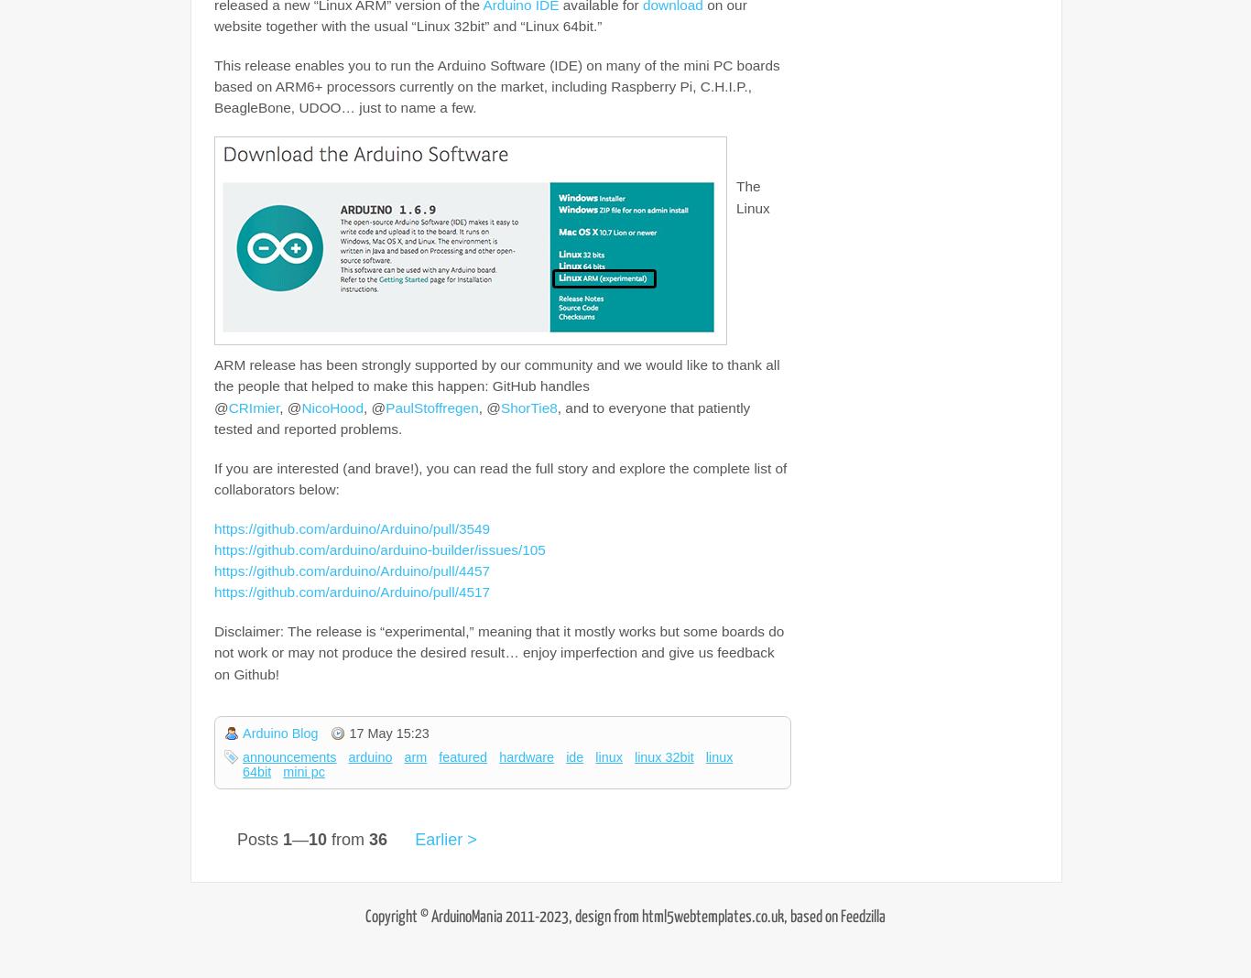  I want to click on 'https://github.com/arduino/Arduino/pull/3549', so click(351, 527).